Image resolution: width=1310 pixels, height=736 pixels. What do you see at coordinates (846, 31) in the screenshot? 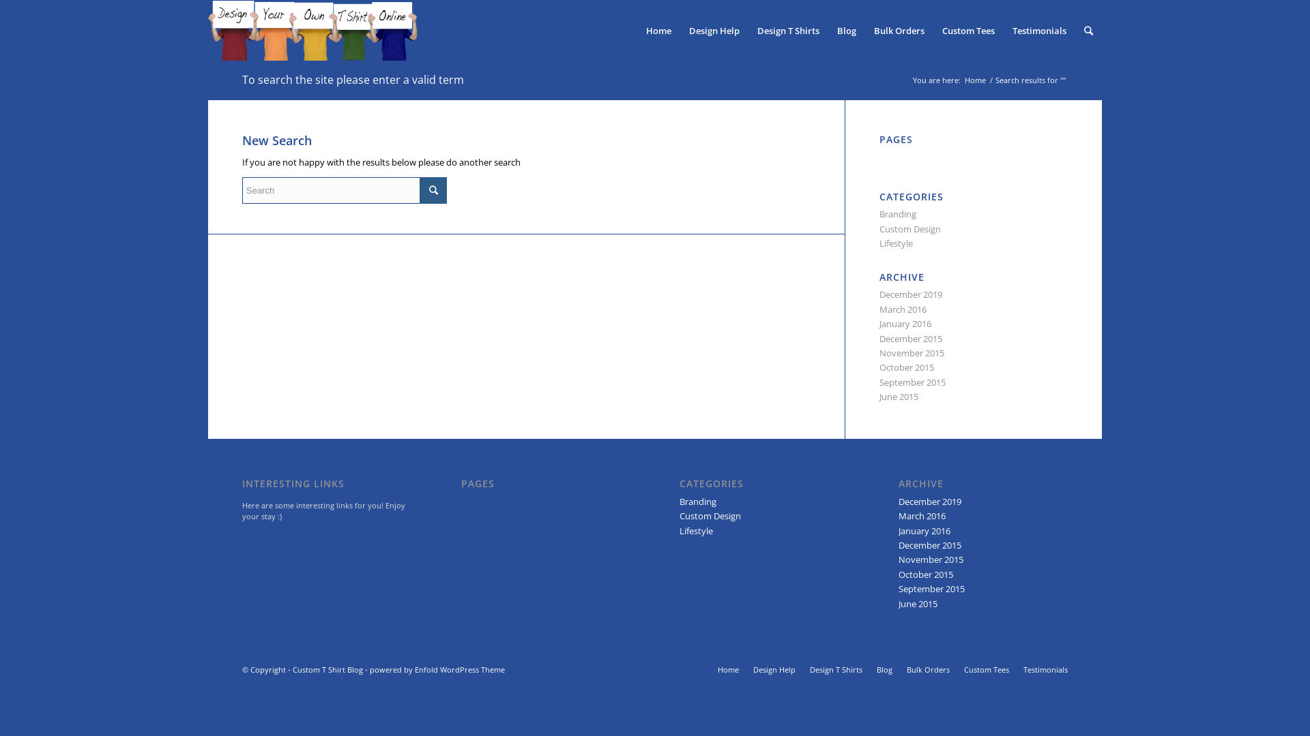
I see `'Blog'` at bounding box center [846, 31].